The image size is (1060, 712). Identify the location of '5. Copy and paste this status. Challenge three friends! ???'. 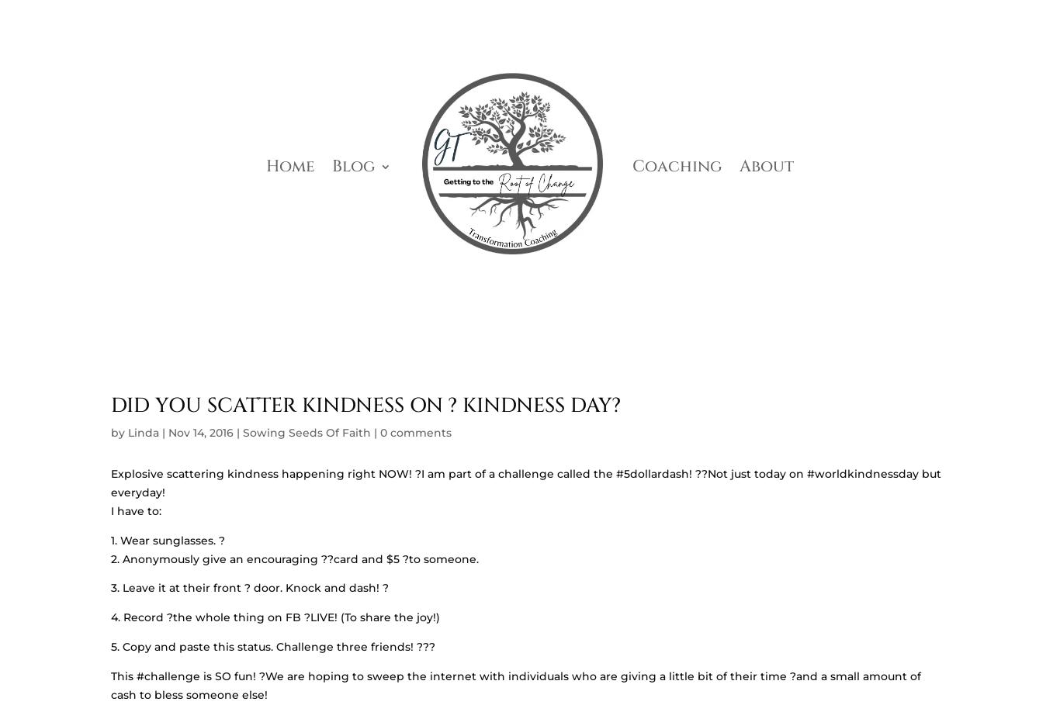
(272, 645).